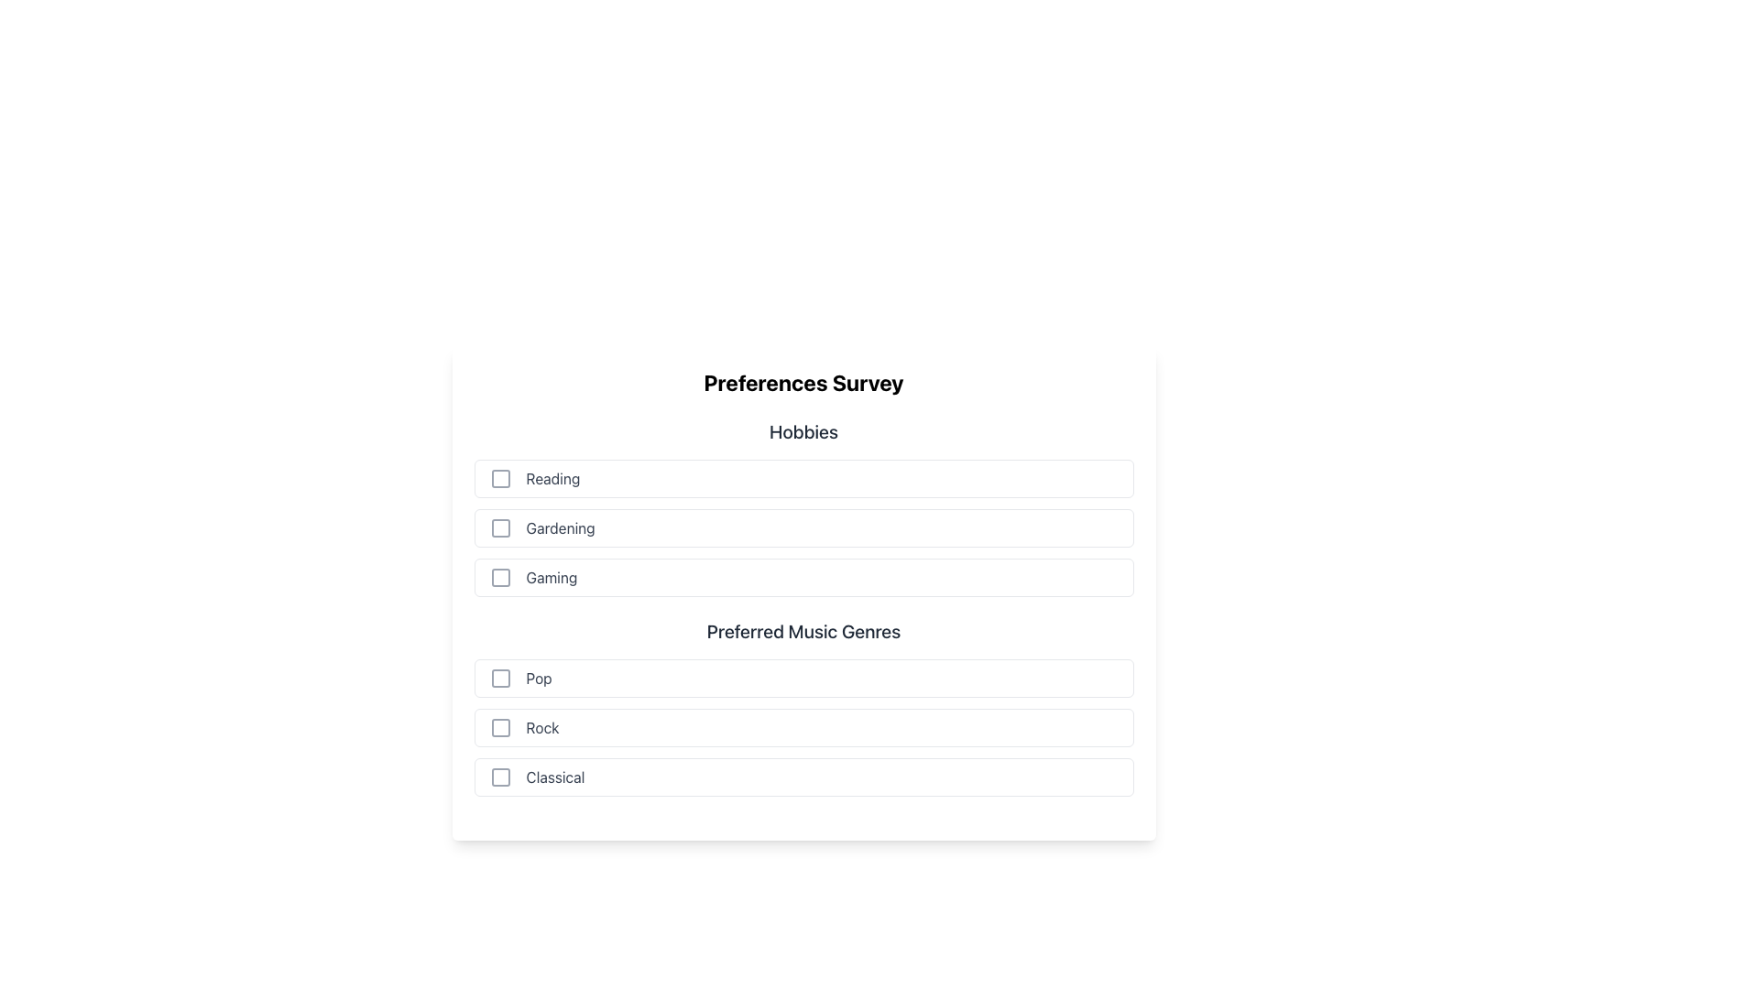 The width and height of the screenshot is (1759, 989). I want to click on the checkbox indicator for the 'Classical' option in the 'Preferred Music Genres' section, so click(500, 777).